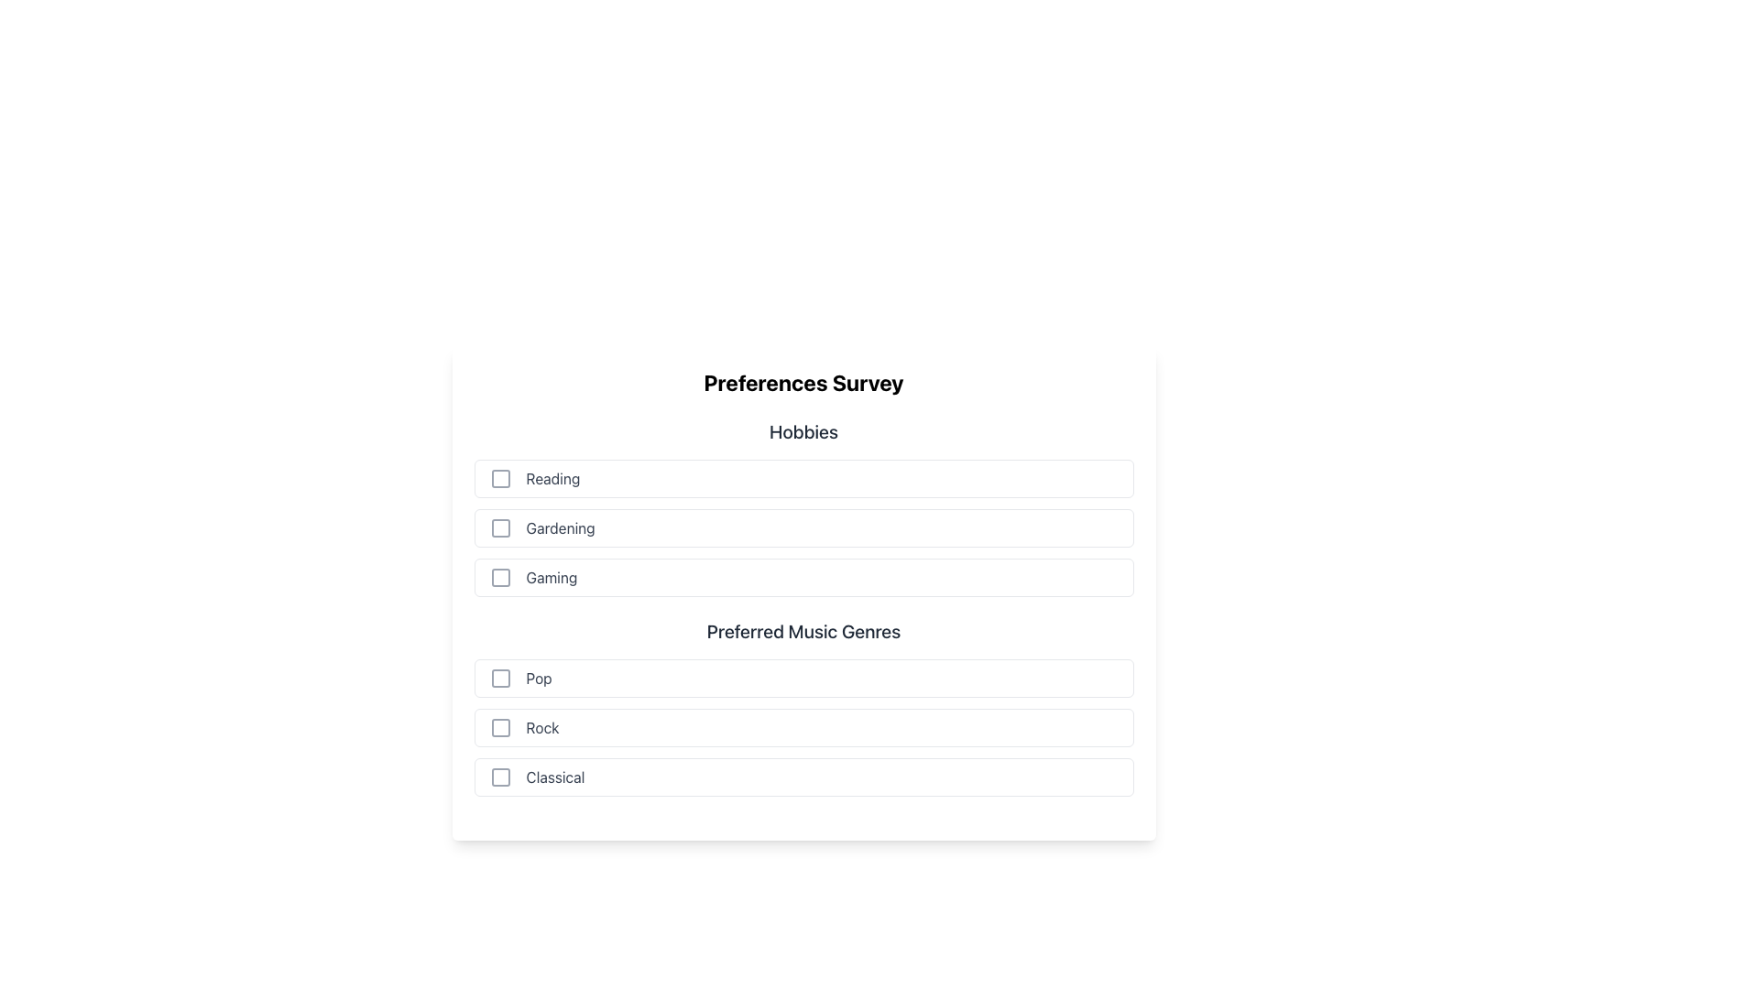 The width and height of the screenshot is (1759, 989). I want to click on the checkbox indicator for the 'Classical' option in the 'Preferred Music Genres' section, so click(500, 777).